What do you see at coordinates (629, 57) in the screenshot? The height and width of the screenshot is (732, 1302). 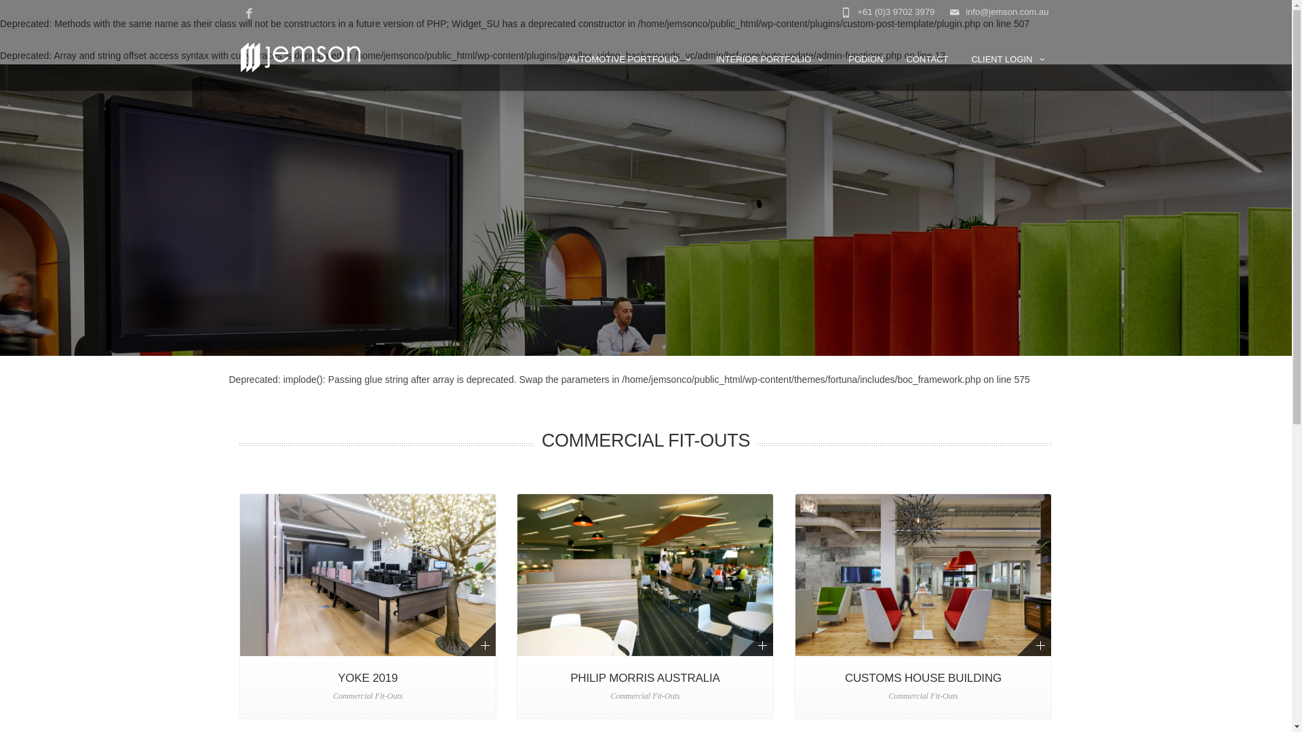 I see `'AUTOMOTIVE PORTFOLIO'` at bounding box center [629, 57].